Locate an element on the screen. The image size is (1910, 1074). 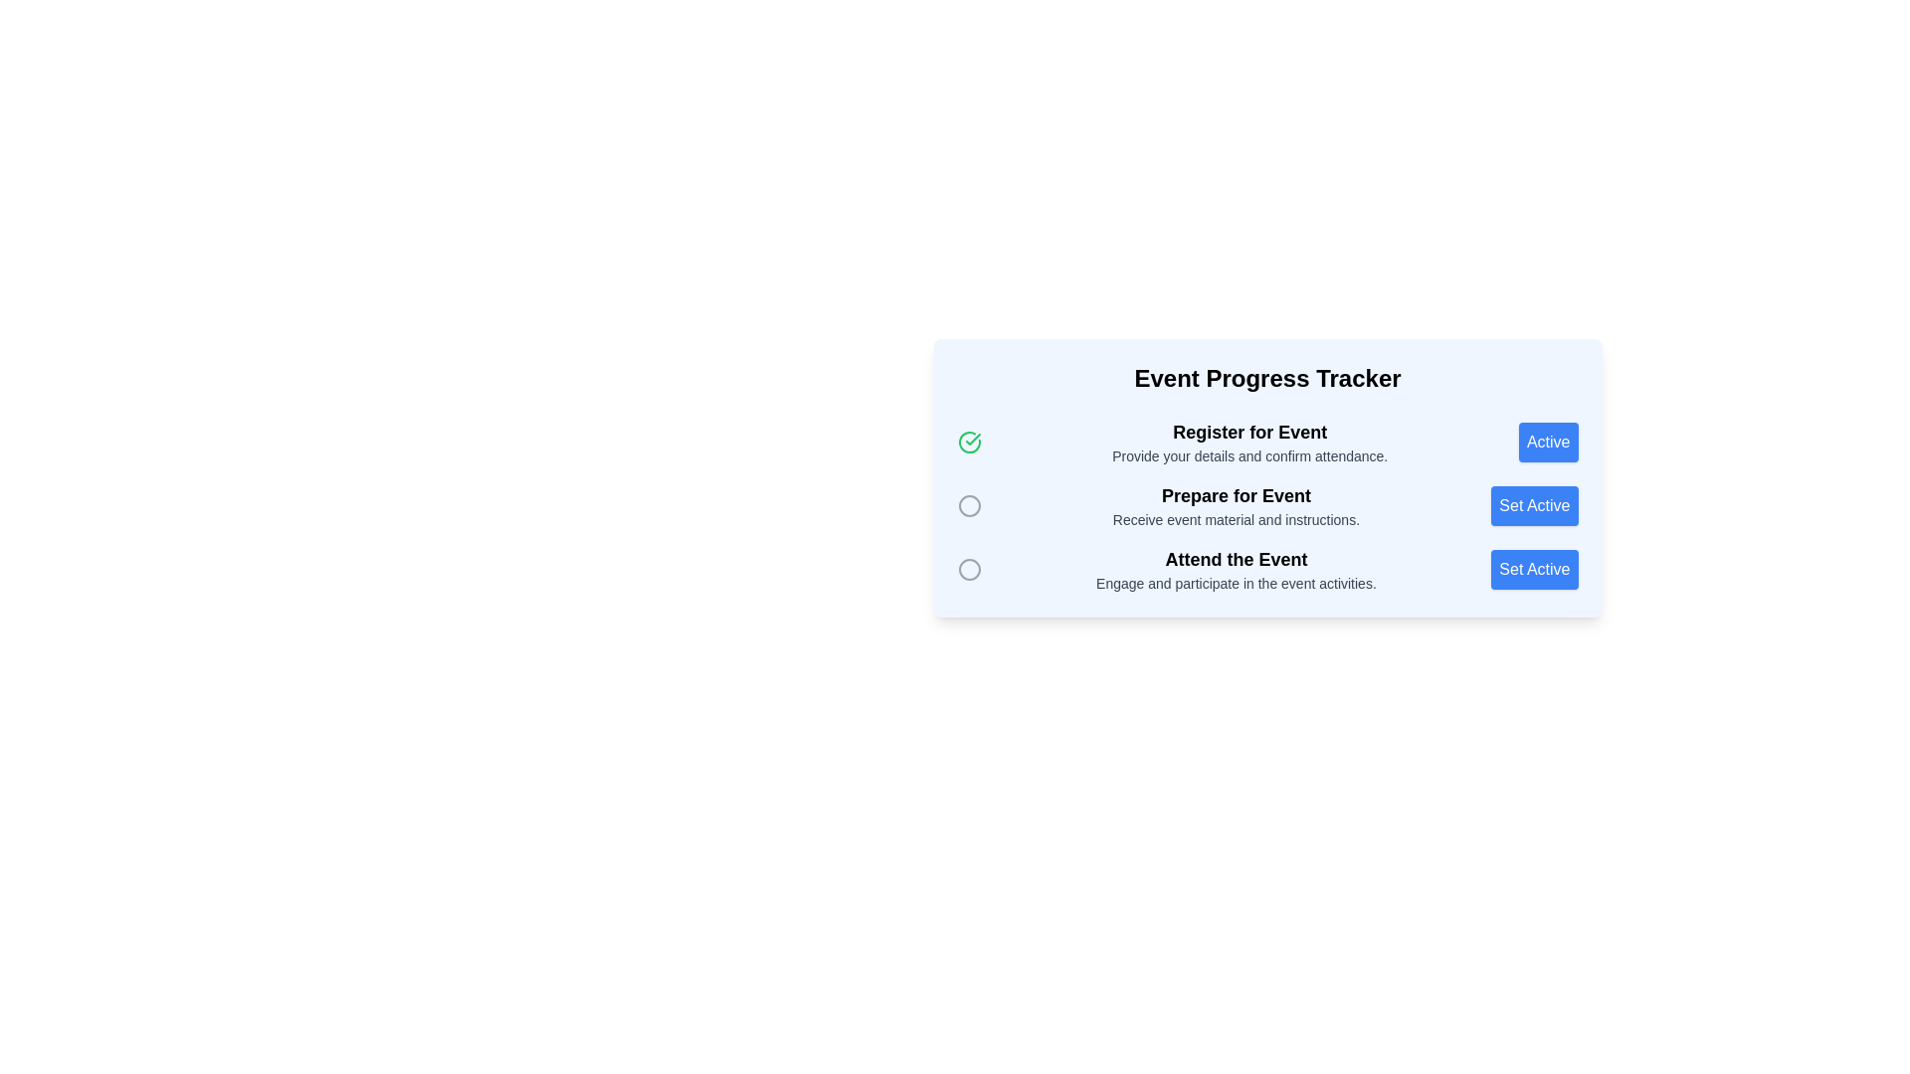
the indicator or status icon located to the left of the text 'Attend the Event' is located at coordinates (977, 570).